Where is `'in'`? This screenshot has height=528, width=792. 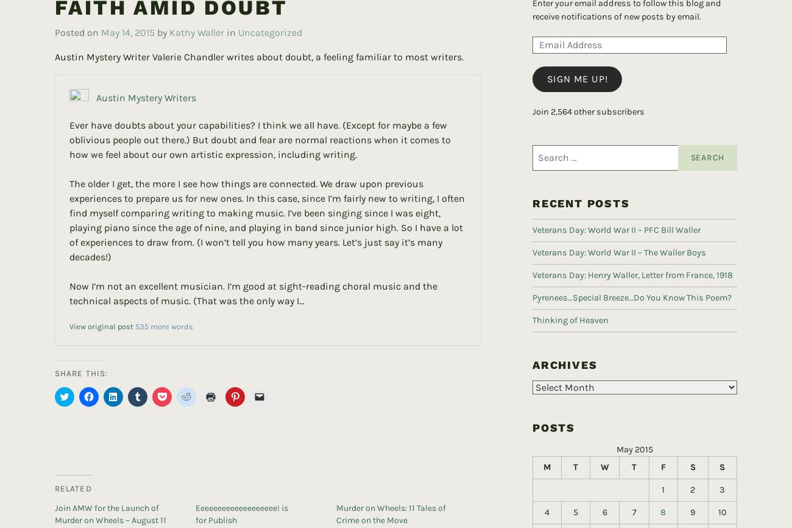
'in' is located at coordinates (230, 13).